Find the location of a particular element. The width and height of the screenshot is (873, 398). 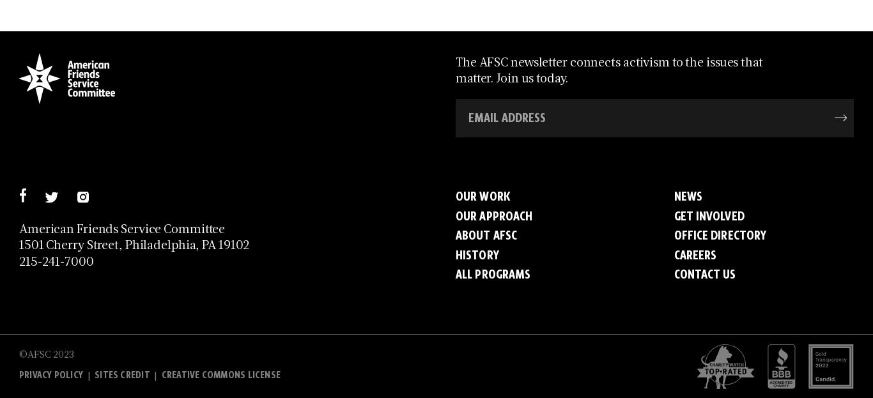

'The AFSC newsletter connects activism to the issues that matter. Join us today.' is located at coordinates (609, 68).